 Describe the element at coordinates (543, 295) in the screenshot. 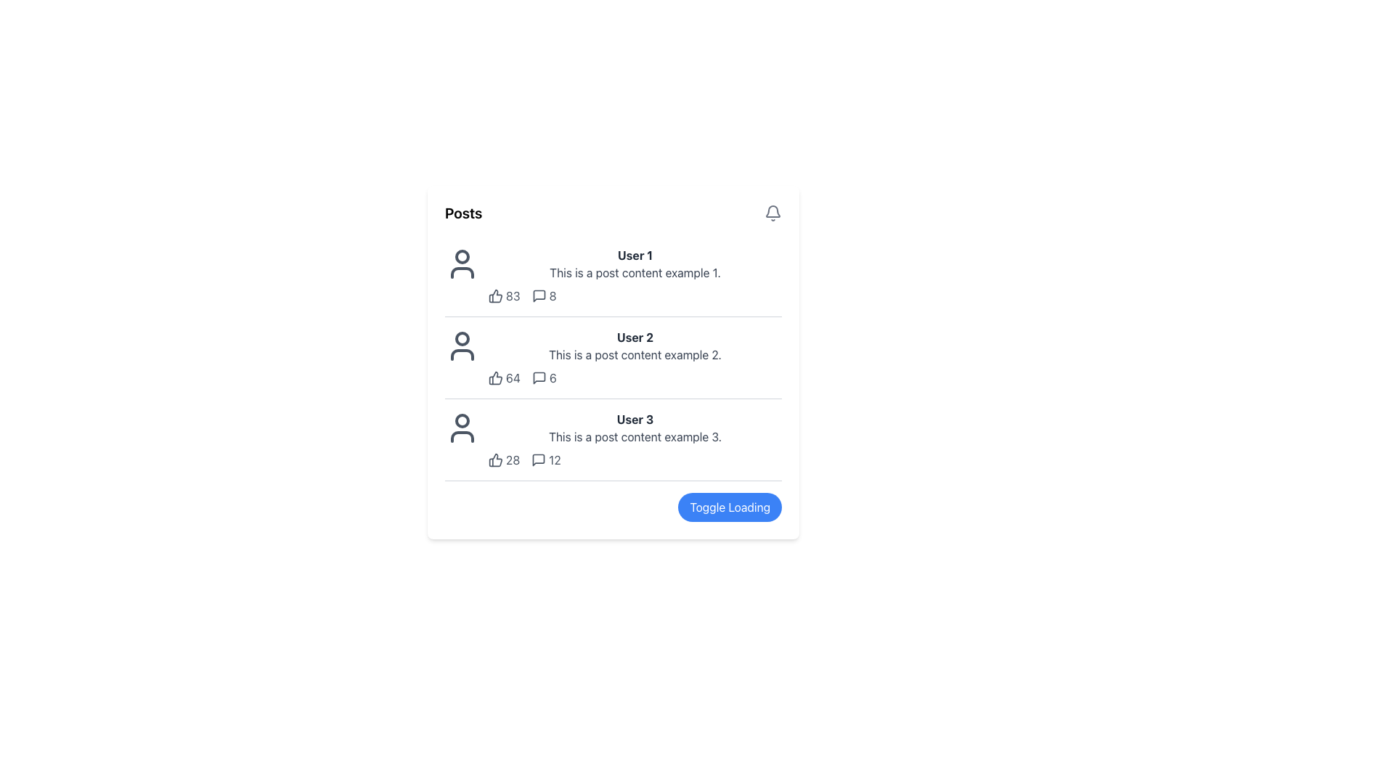

I see `the small number '8' displayed on the right side of the speech bubble icon, which is the third item in a horizontal alignment of interaction icons and counts in the top user post section` at that location.